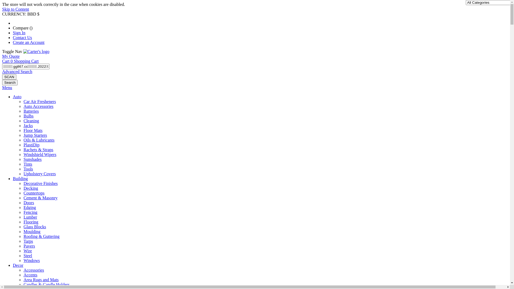  Describe the element at coordinates (23, 174) in the screenshot. I see `'Upholstery Covers'` at that location.